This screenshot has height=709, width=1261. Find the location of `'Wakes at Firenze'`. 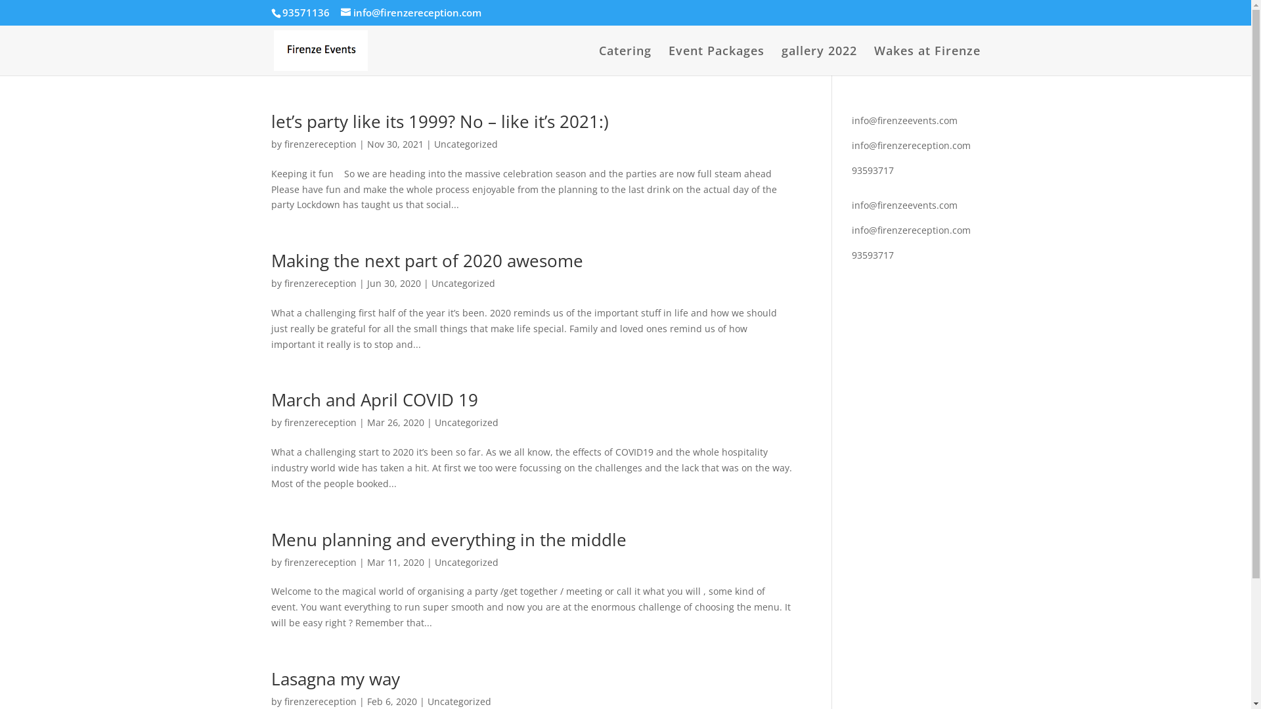

'Wakes at Firenze' is located at coordinates (926, 60).